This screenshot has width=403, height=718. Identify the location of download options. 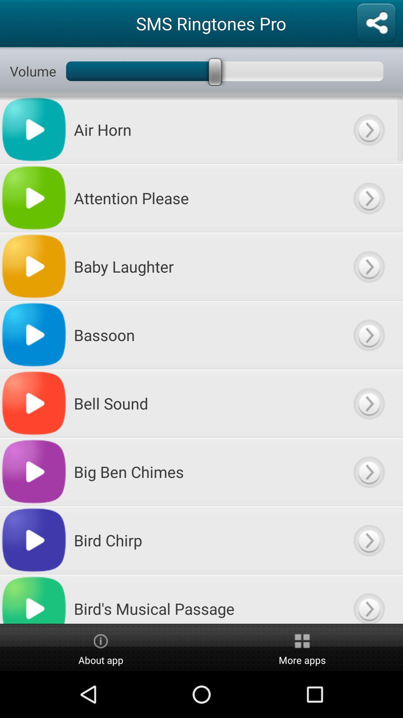
(368, 334).